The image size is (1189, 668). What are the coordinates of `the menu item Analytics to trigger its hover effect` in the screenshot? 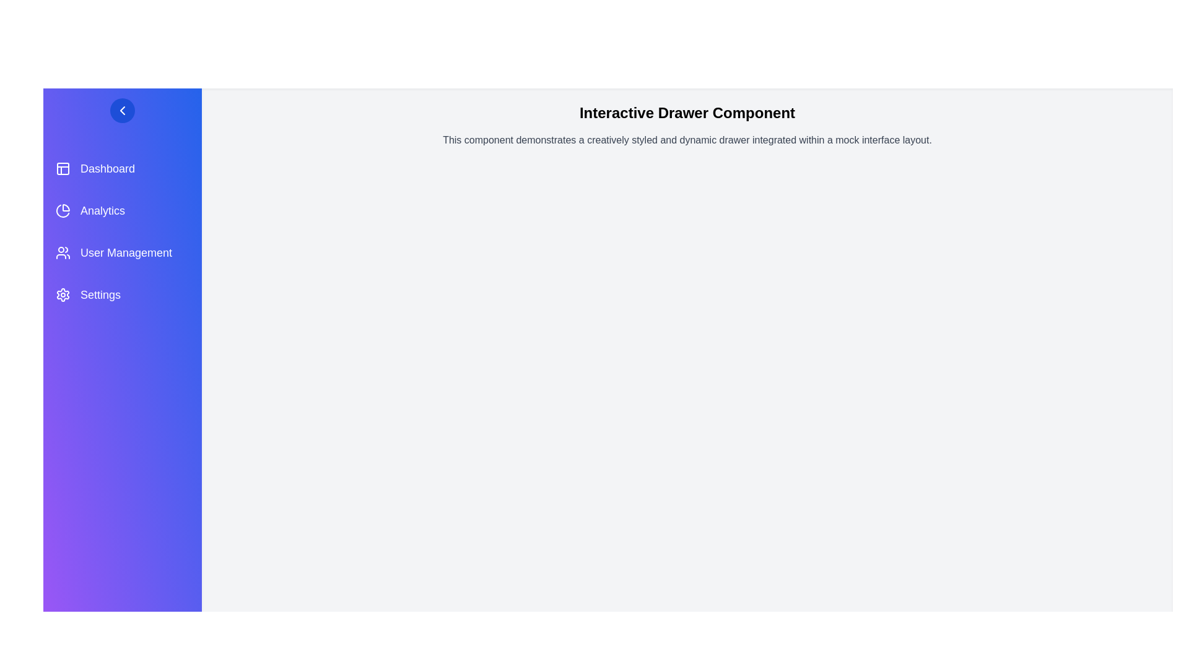 It's located at (122, 210).